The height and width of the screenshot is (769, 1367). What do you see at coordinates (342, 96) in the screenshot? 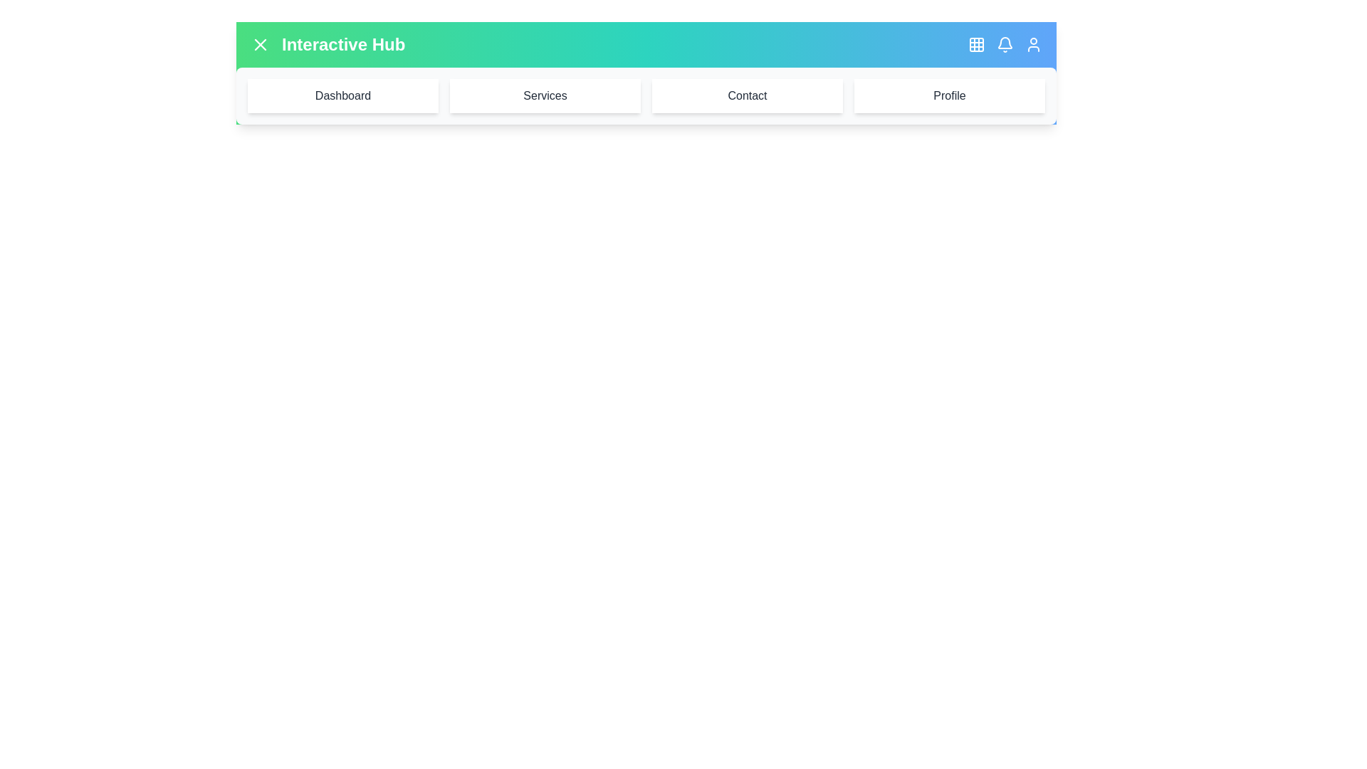
I see `the menu item labeled Dashboard` at bounding box center [342, 96].